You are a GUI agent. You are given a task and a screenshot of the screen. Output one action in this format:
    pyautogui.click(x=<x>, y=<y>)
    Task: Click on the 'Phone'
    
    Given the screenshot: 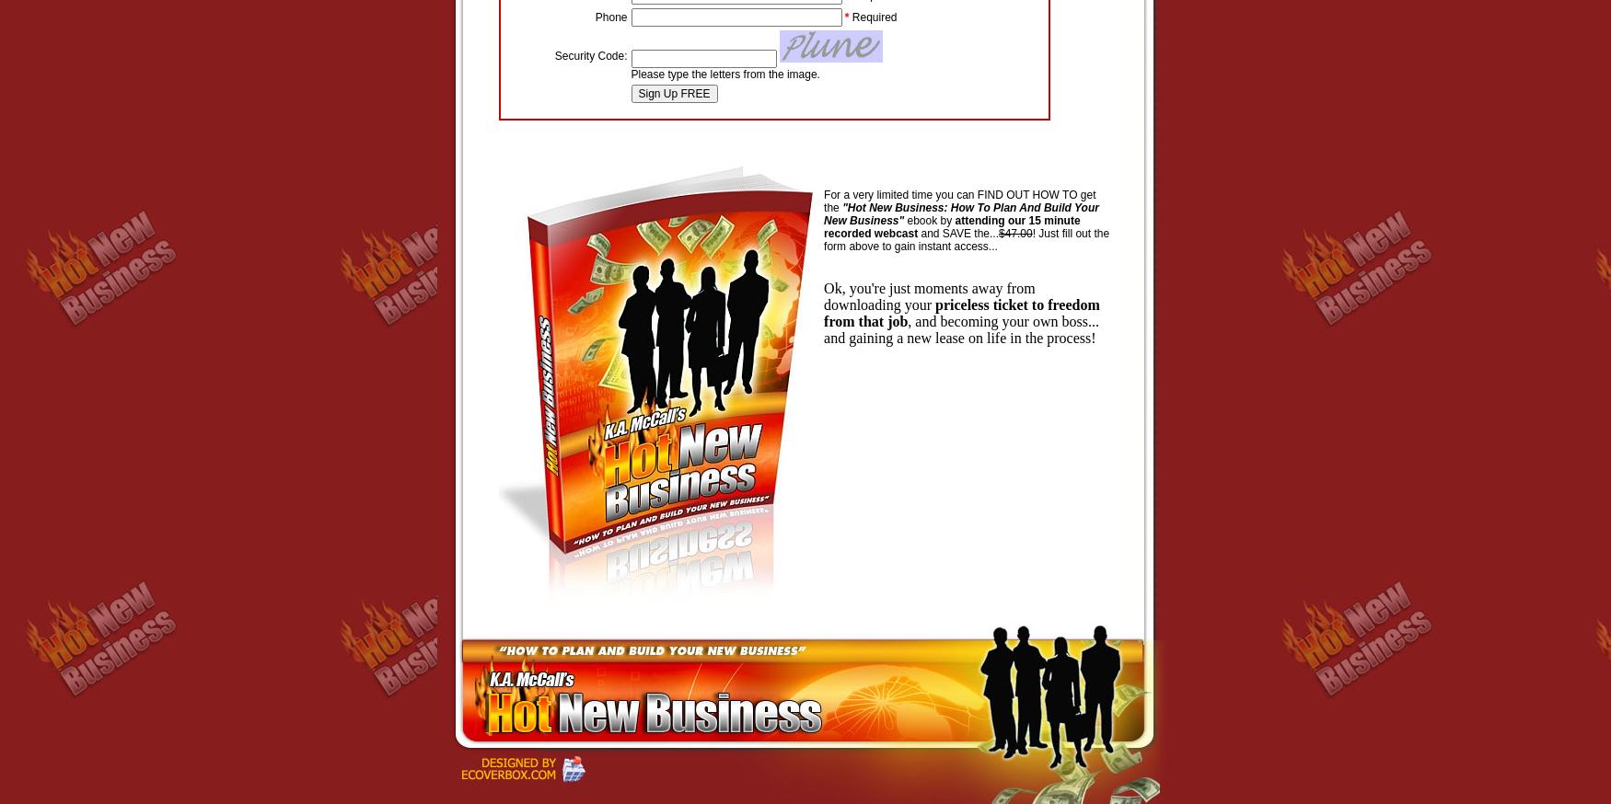 What is the action you would take?
    pyautogui.click(x=609, y=16)
    